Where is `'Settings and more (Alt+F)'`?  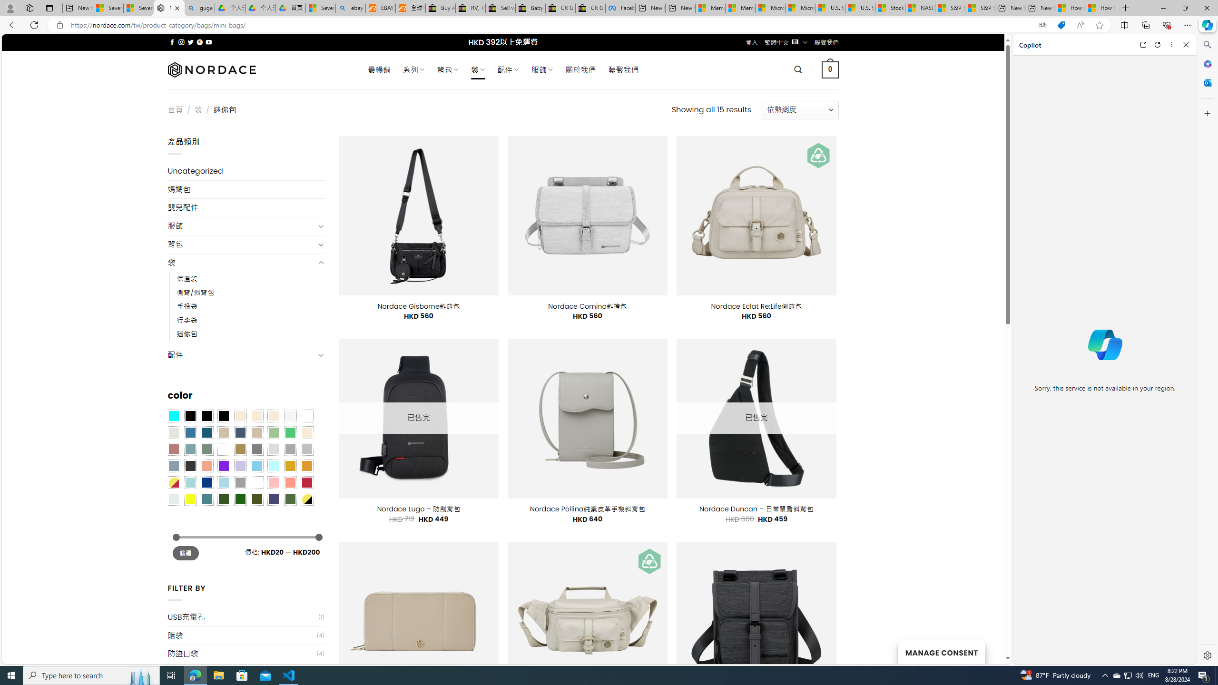
'Settings and more (Alt+F)' is located at coordinates (1187, 24).